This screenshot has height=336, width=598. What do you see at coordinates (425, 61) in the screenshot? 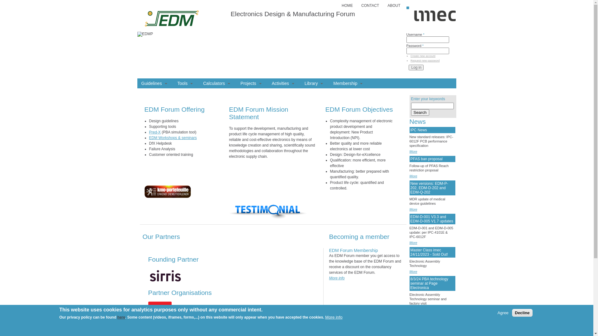
I see `'Request new password'` at bounding box center [425, 61].